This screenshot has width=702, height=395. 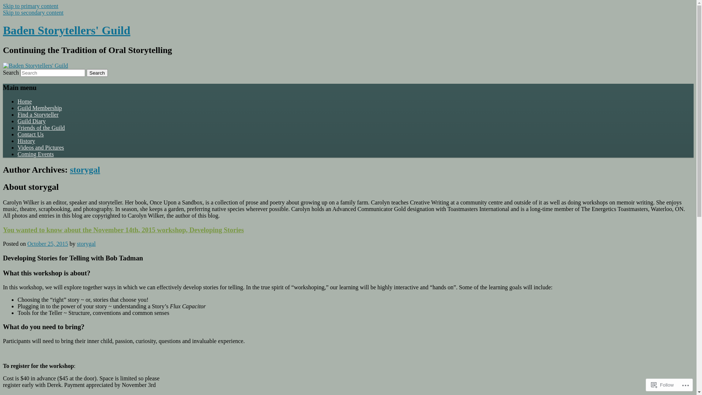 What do you see at coordinates (47, 244) in the screenshot?
I see `'October 25, 2015'` at bounding box center [47, 244].